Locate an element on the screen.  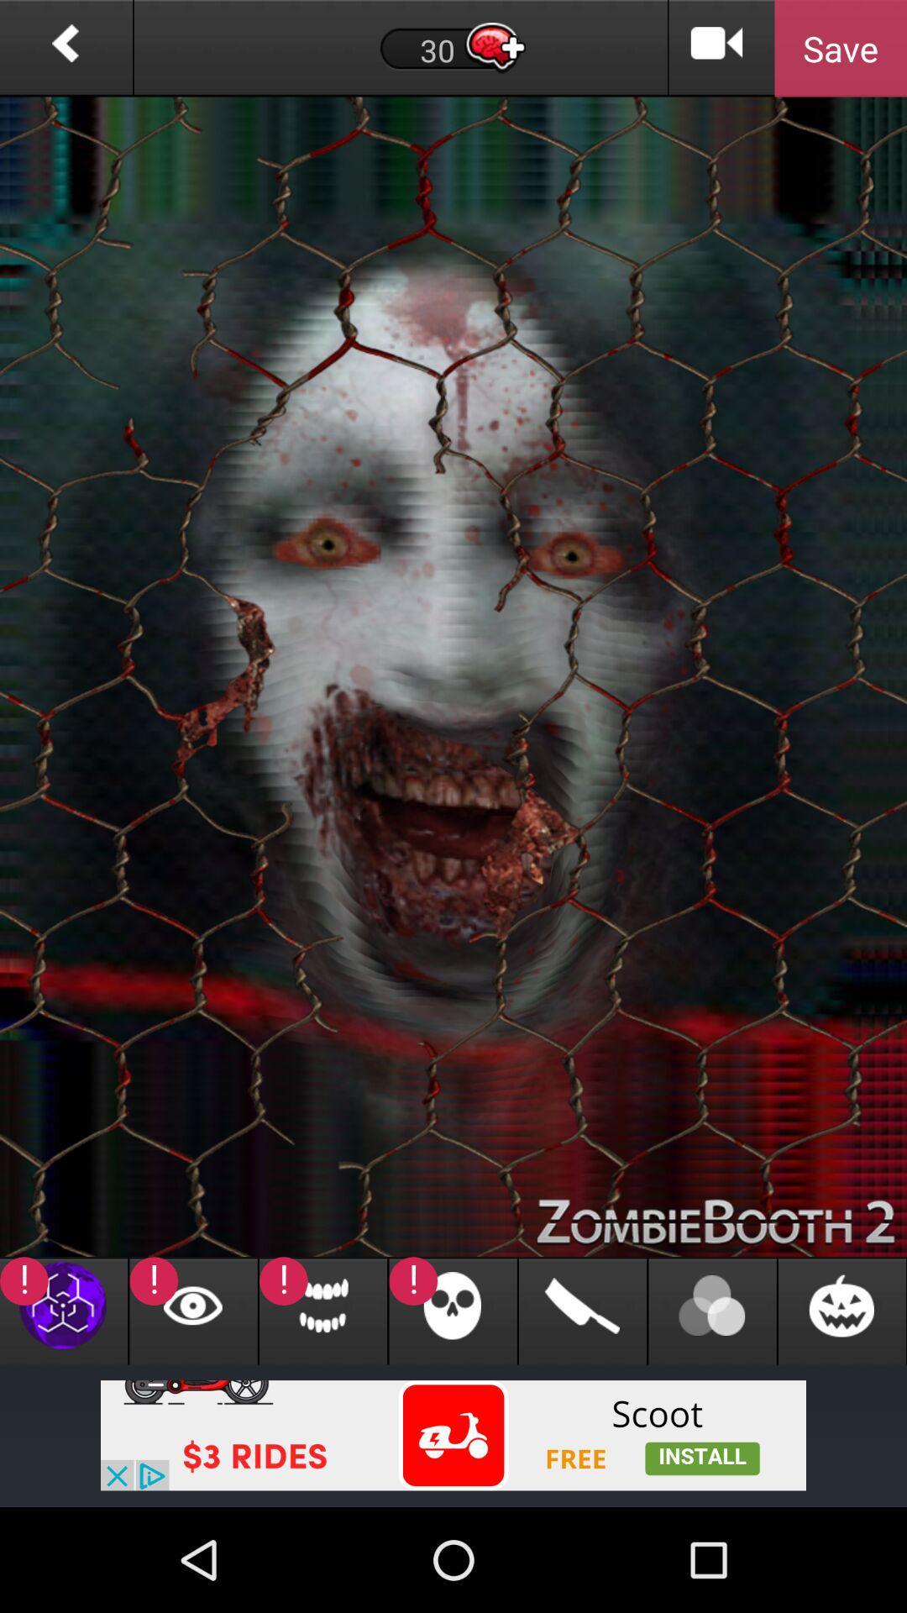
the settings icon is located at coordinates (63, 1403).